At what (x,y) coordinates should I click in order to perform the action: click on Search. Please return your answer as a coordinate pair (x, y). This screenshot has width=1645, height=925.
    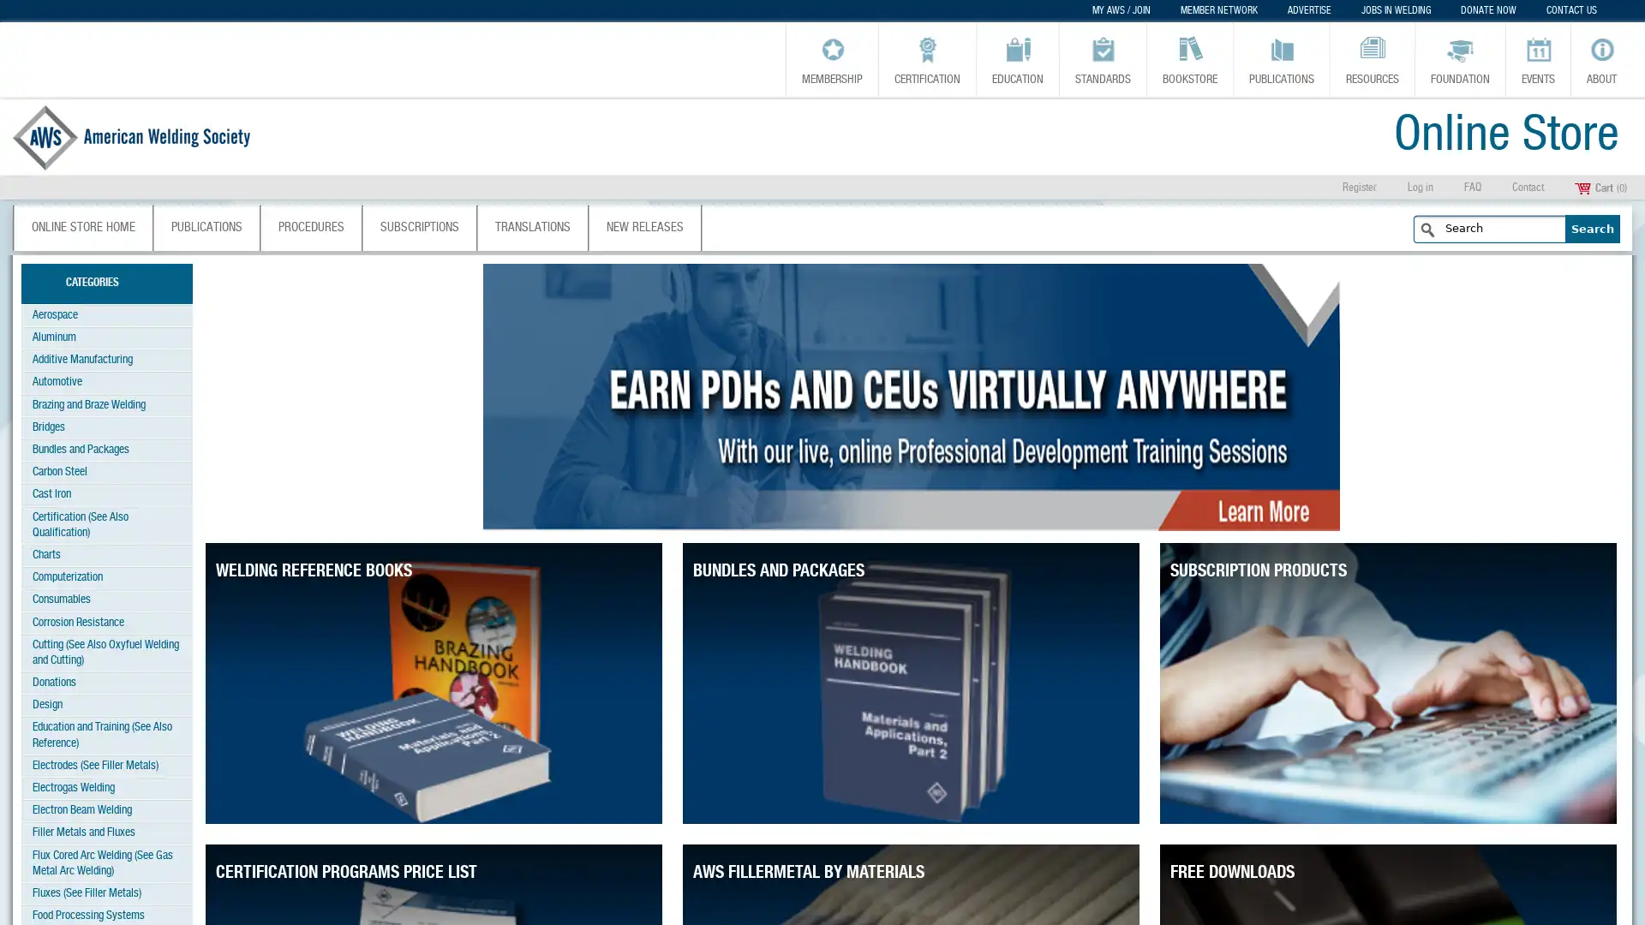
    Looking at the image, I should click on (1591, 228).